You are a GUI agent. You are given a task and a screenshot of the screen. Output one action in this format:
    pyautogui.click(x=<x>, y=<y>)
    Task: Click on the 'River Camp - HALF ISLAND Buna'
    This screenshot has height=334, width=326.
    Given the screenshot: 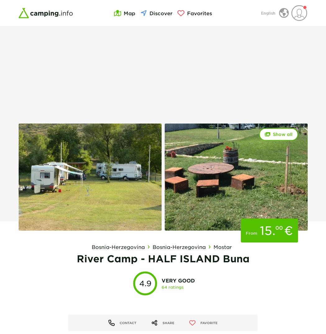 What is the action you would take?
    pyautogui.click(x=162, y=258)
    